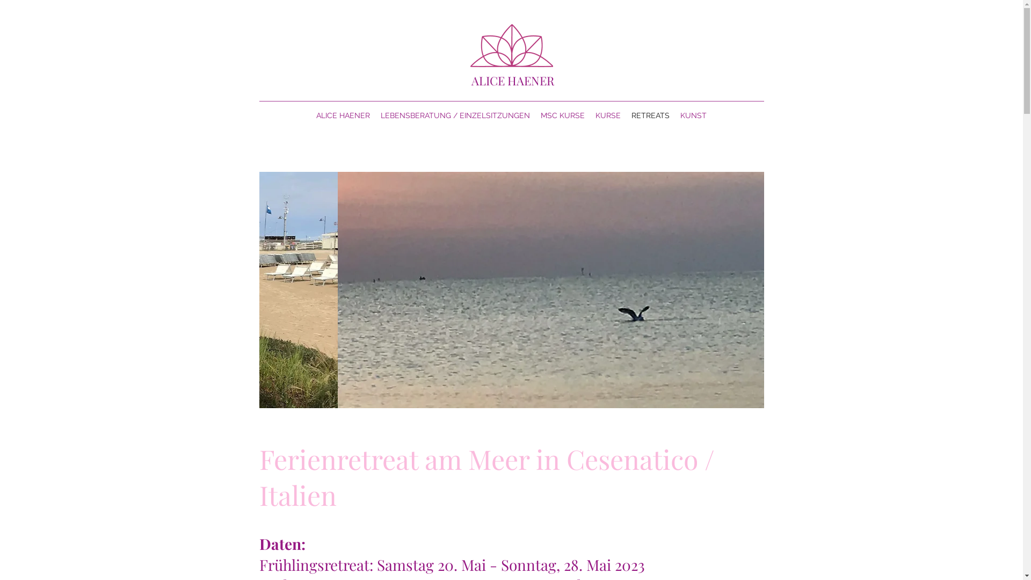  What do you see at coordinates (693, 115) in the screenshot?
I see `'KUNST'` at bounding box center [693, 115].